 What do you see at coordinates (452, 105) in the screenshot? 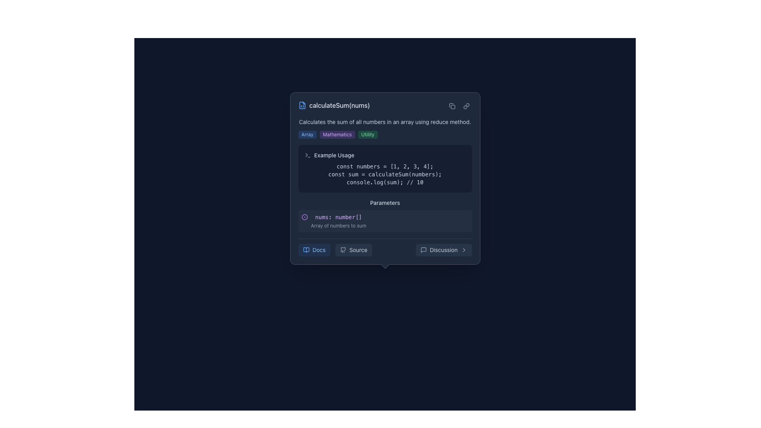
I see `the copy button located in the top-right section of the modal` at bounding box center [452, 105].